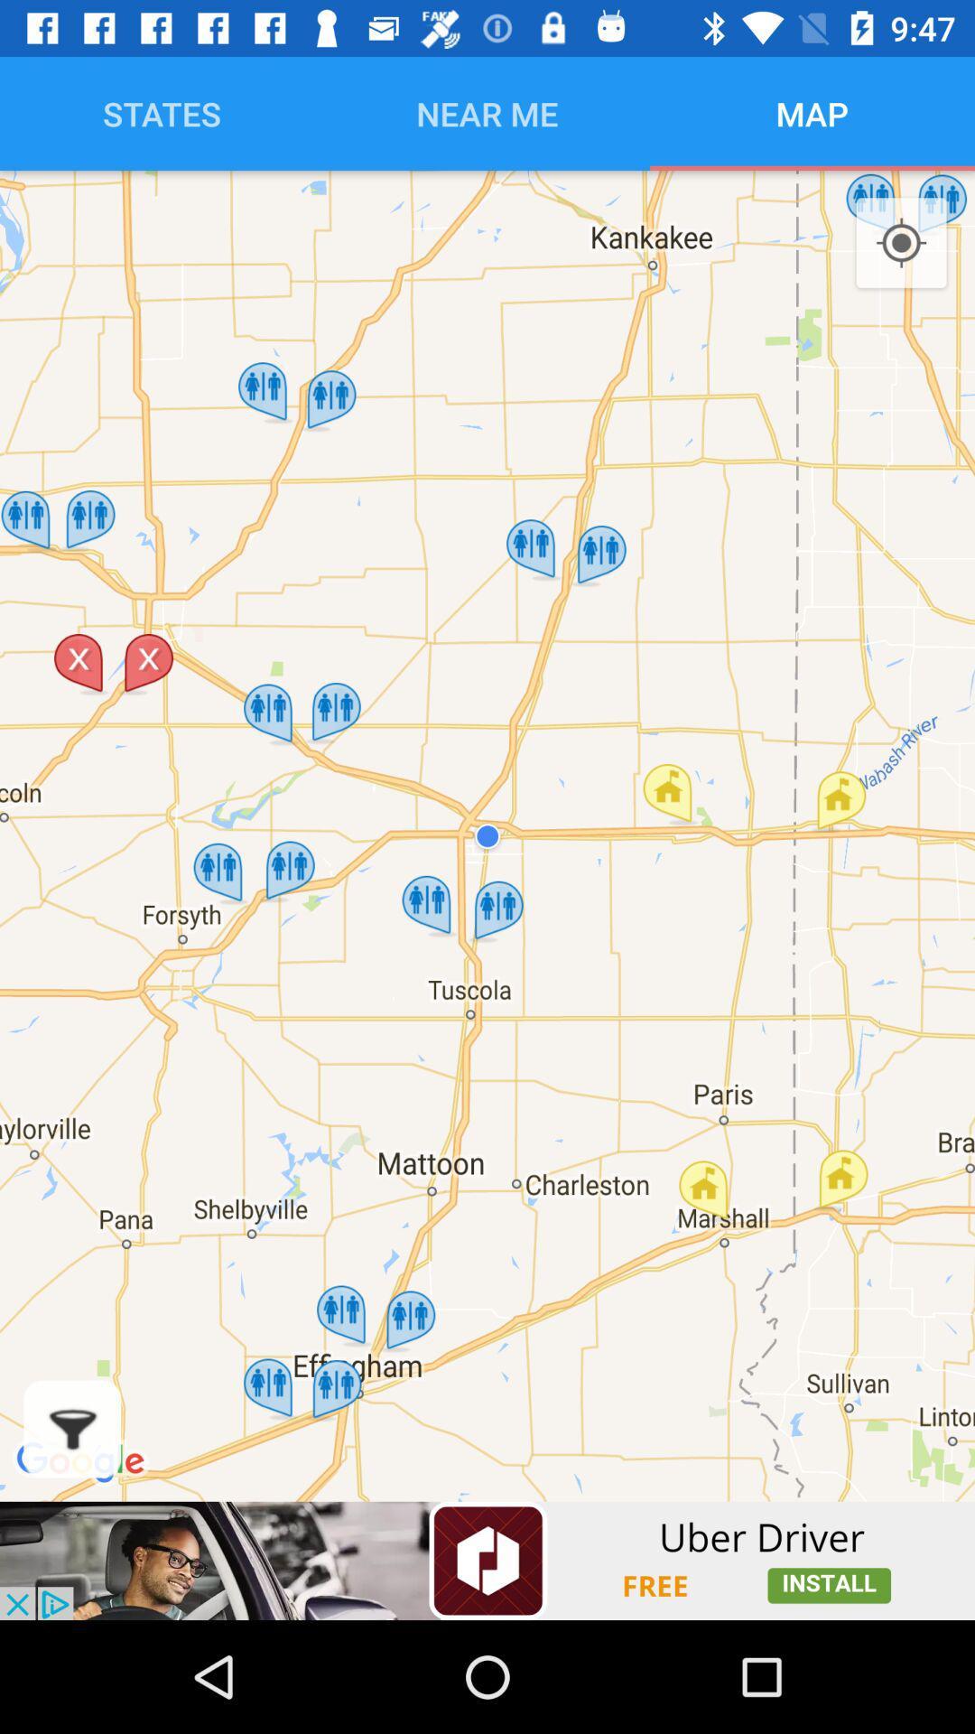 The width and height of the screenshot is (975, 1734). What do you see at coordinates (901, 243) in the screenshot?
I see `the location_crosshair icon` at bounding box center [901, 243].